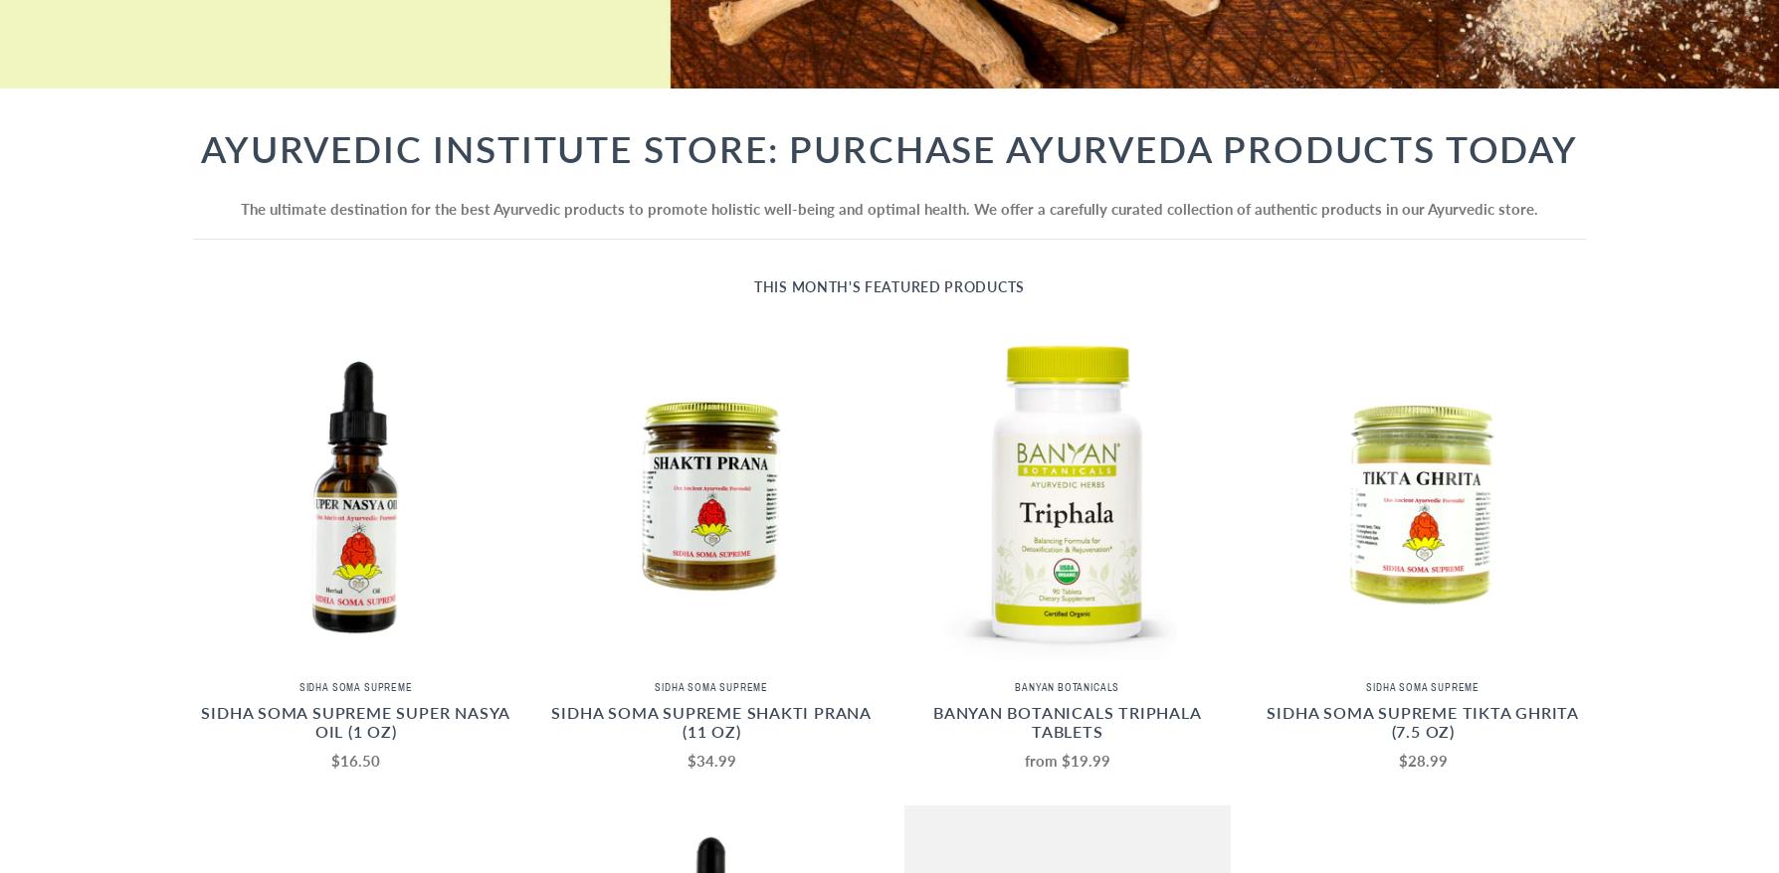  I want to click on '$16.50', so click(329, 760).